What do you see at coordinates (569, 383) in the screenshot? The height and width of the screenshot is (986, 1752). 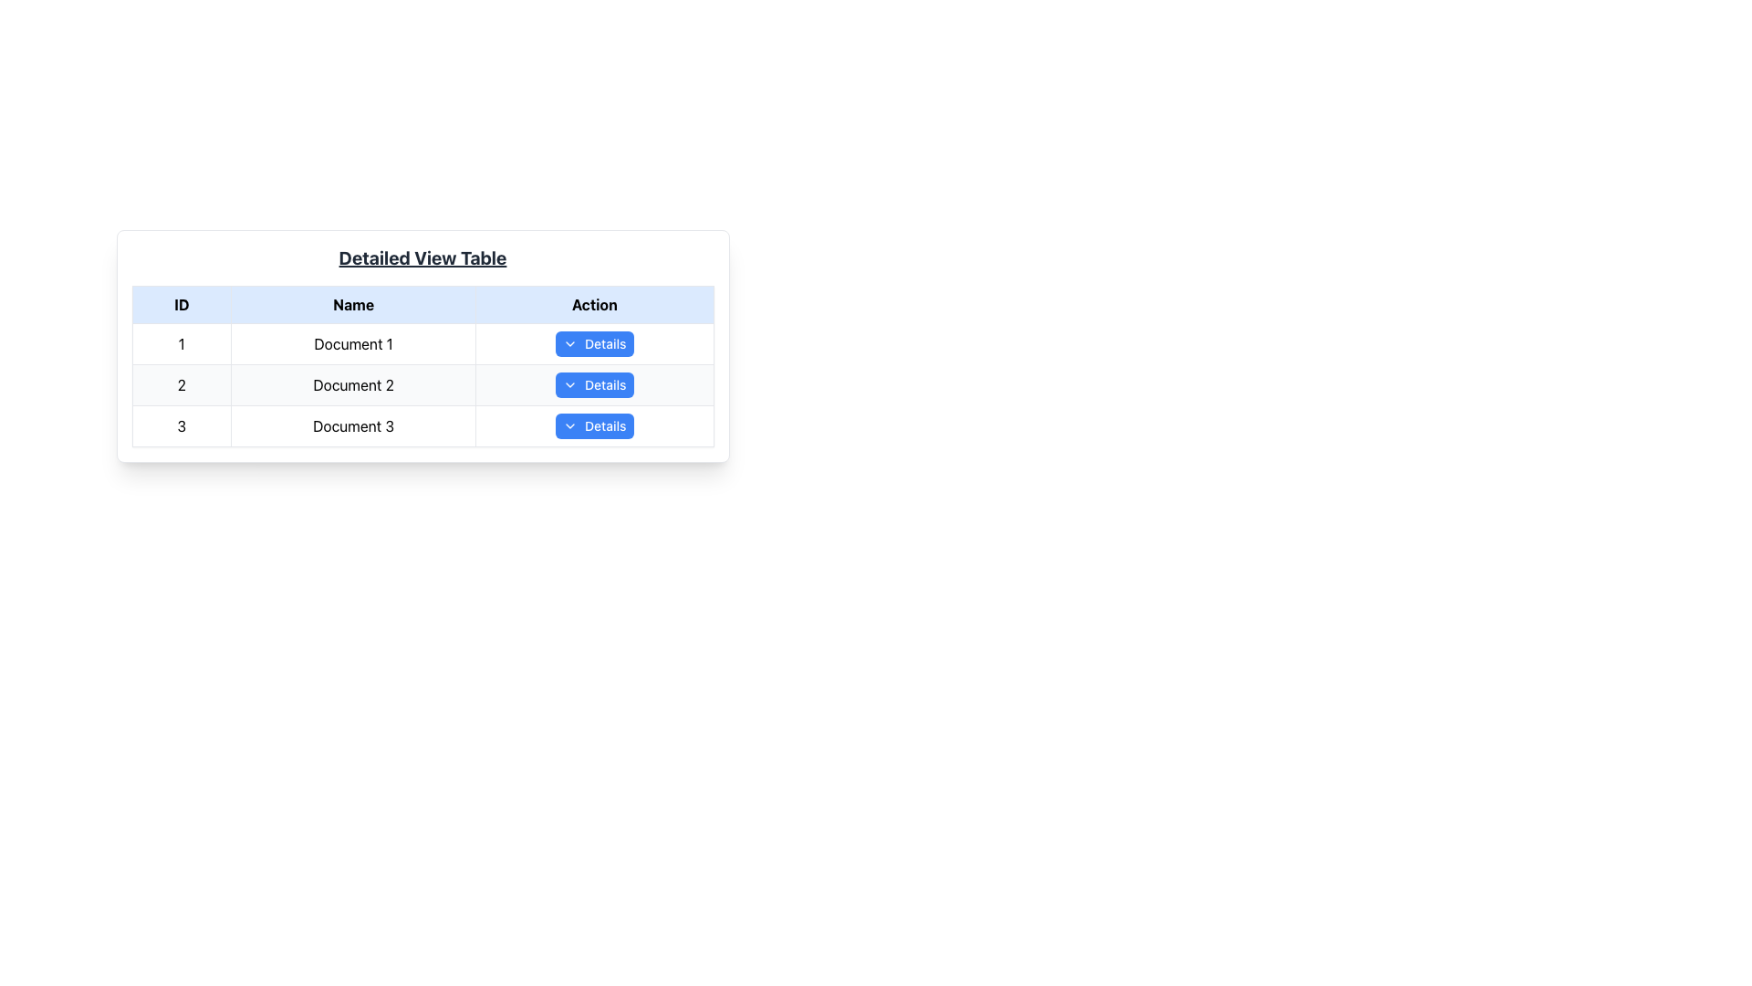 I see `the SVG icon located within the 'Details' button under the 'Action' column of the table corresponding to 'Document 2'` at bounding box center [569, 383].